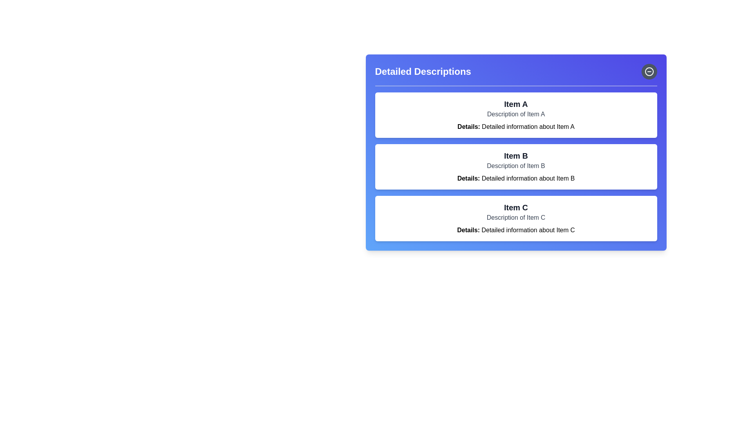 This screenshot has width=752, height=423. What do you see at coordinates (516, 217) in the screenshot?
I see `the Text Label displaying 'Description of Item C', which is styled in gray font and positioned beneath the 'Item C' title within a white card layout` at bounding box center [516, 217].